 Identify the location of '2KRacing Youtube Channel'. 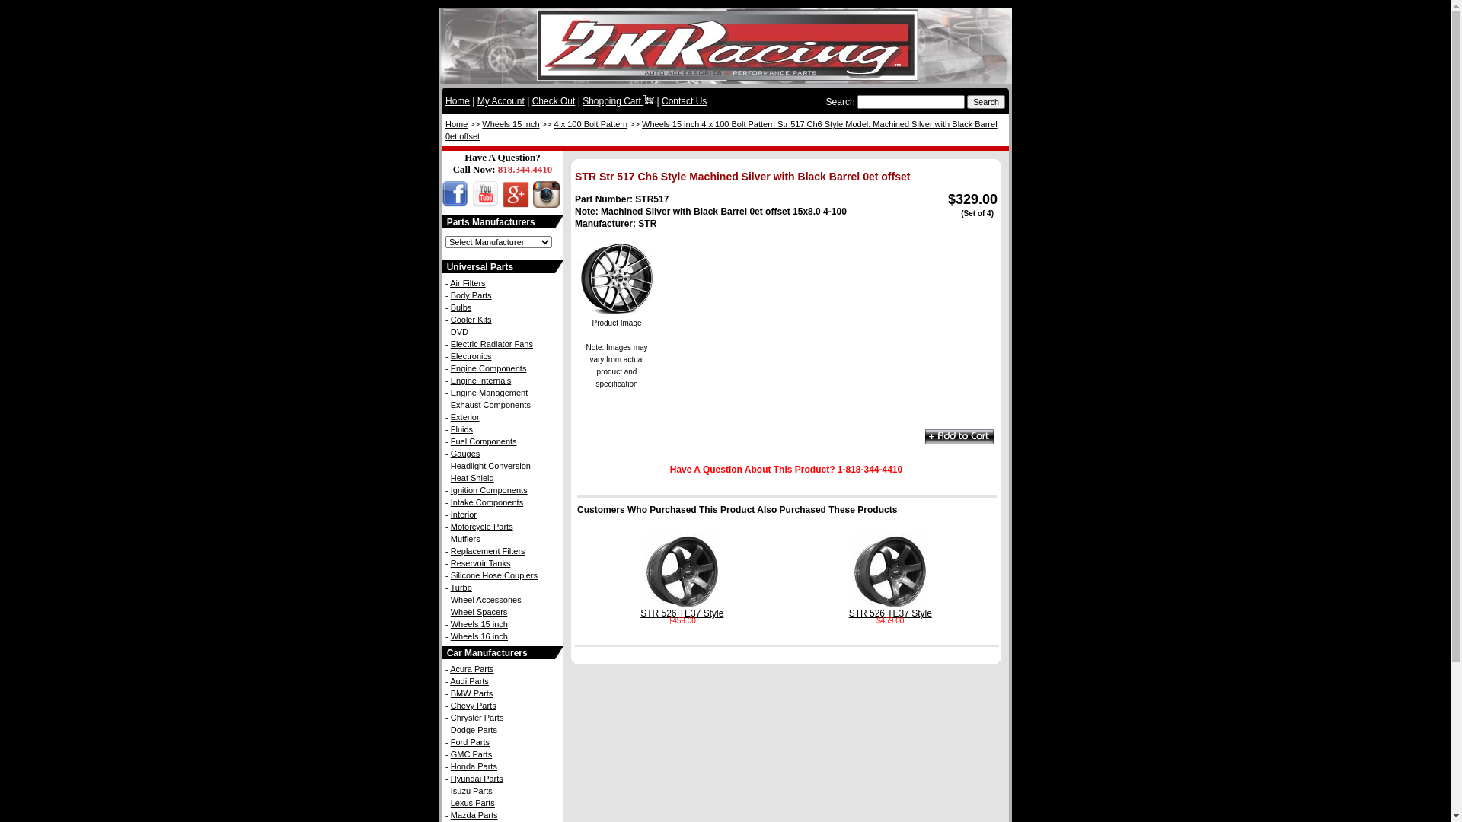
(482, 202).